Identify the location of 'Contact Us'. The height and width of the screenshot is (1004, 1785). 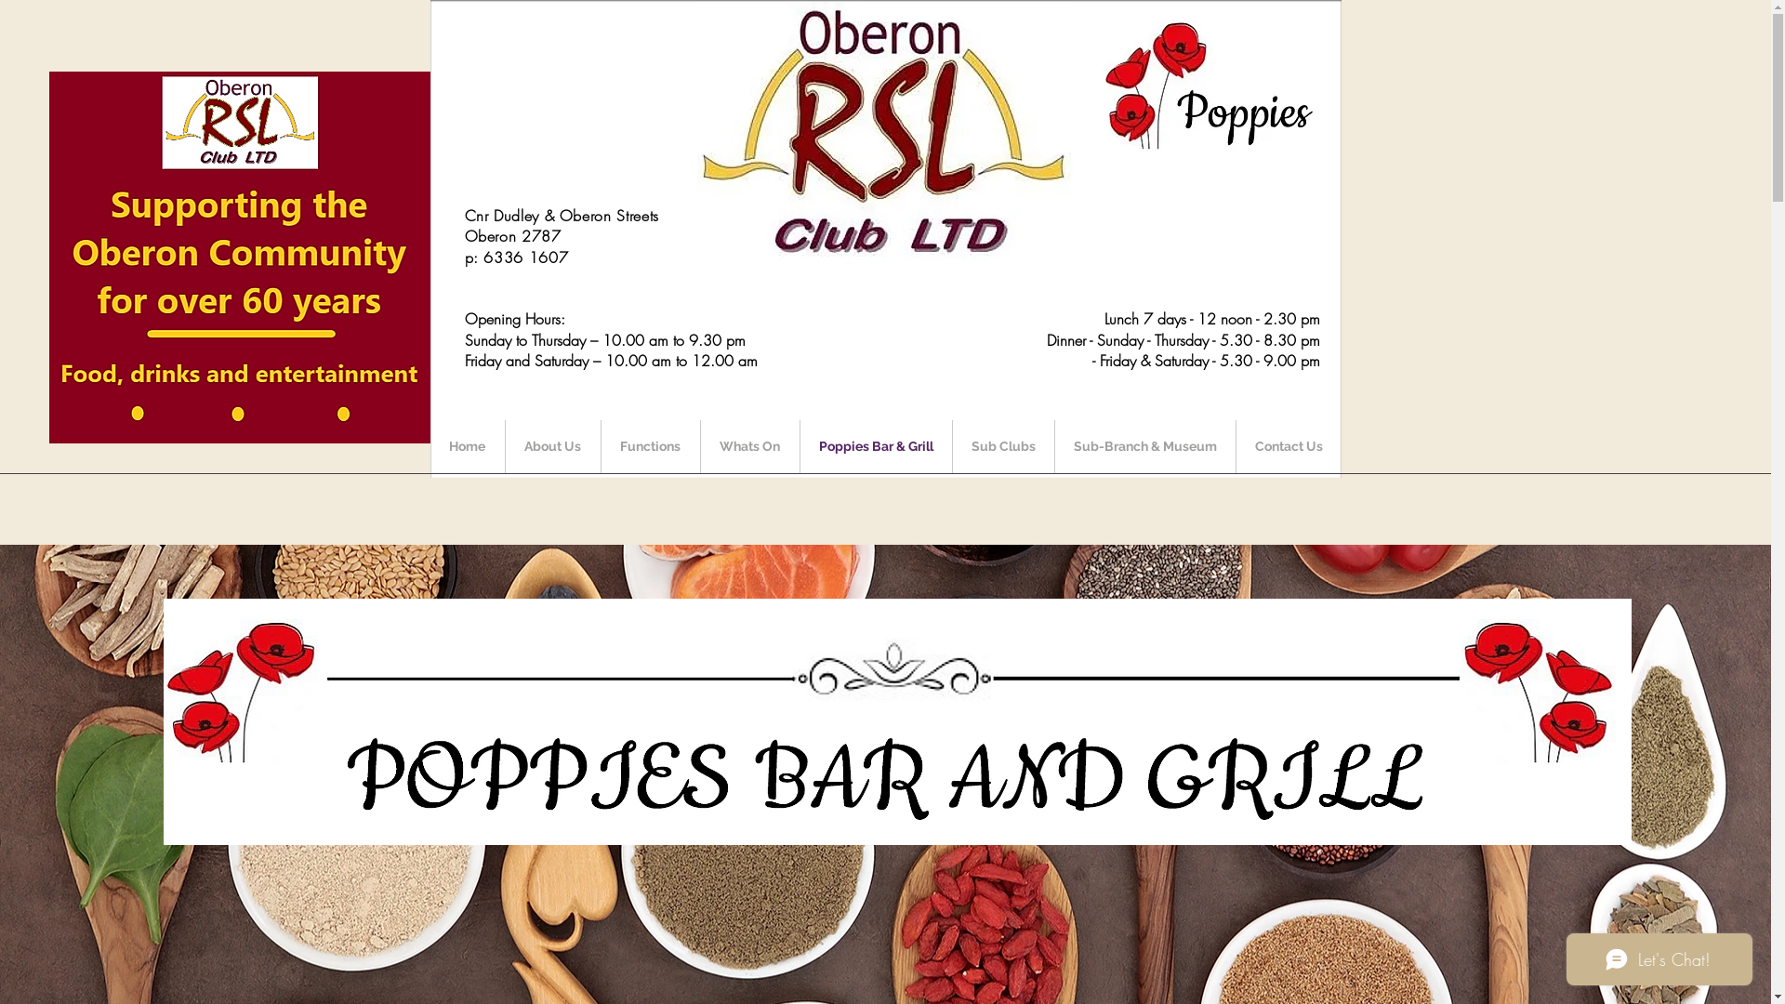
(1288, 446).